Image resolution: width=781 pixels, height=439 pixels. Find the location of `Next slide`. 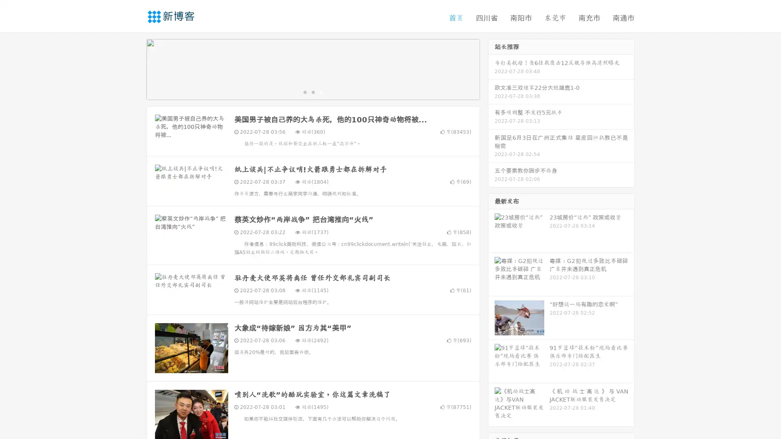

Next slide is located at coordinates (491, 68).